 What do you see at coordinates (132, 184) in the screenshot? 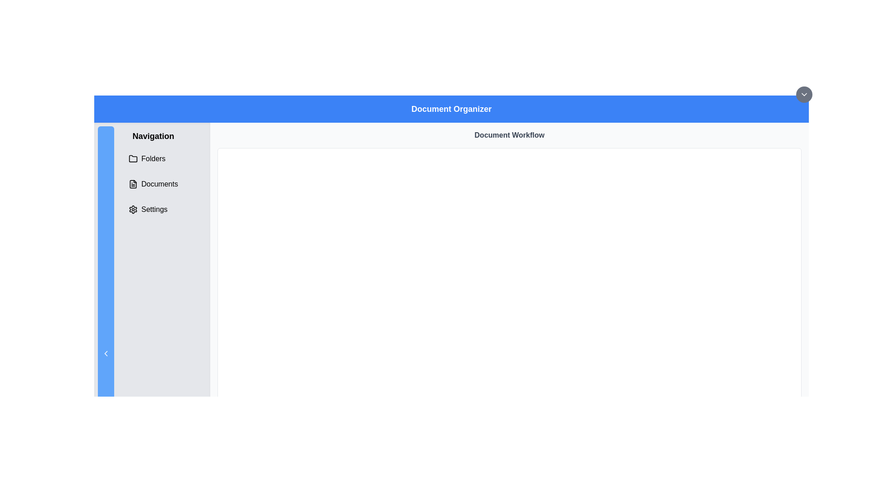
I see `the small 20x20 pixel document icon located next to the 'Documents' text in the sidebar` at bounding box center [132, 184].